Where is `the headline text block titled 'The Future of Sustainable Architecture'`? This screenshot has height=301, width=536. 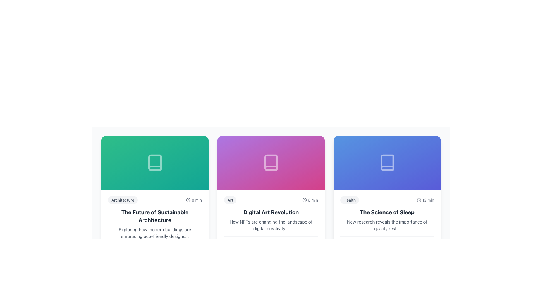 the headline text block titled 'The Future of Sustainable Architecture' is located at coordinates (155, 216).